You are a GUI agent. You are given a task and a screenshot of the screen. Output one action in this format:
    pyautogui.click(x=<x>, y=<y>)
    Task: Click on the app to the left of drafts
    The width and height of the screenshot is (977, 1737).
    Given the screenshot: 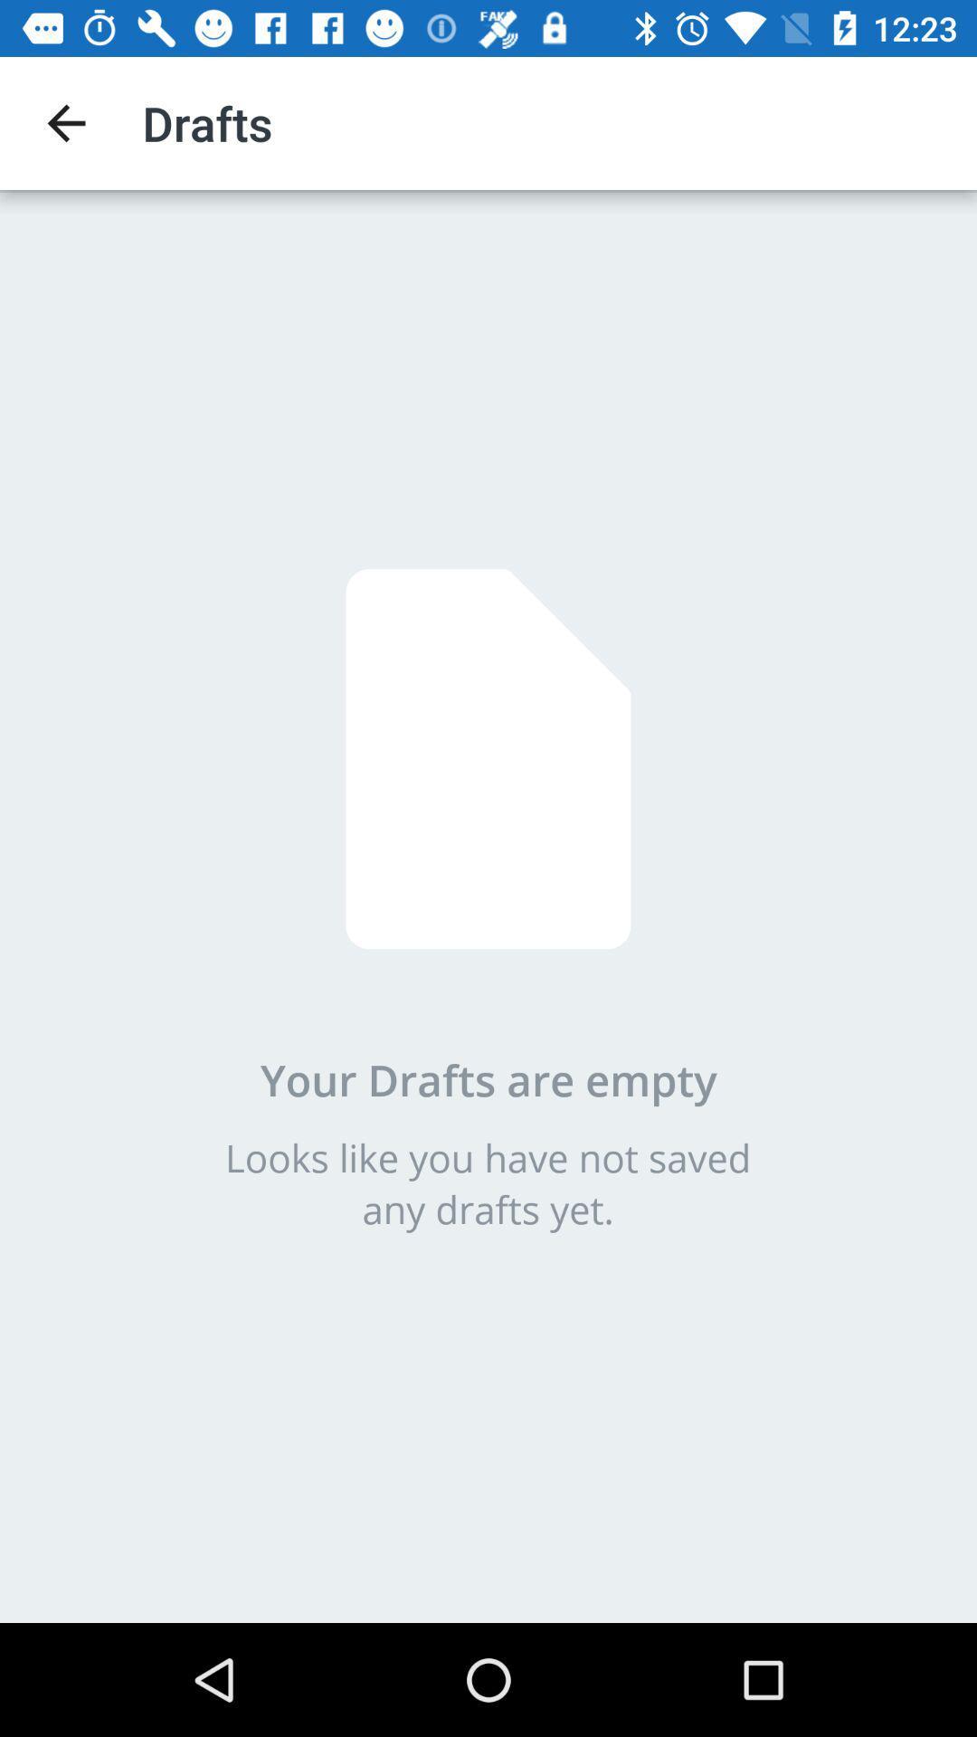 What is the action you would take?
    pyautogui.click(x=65, y=122)
    